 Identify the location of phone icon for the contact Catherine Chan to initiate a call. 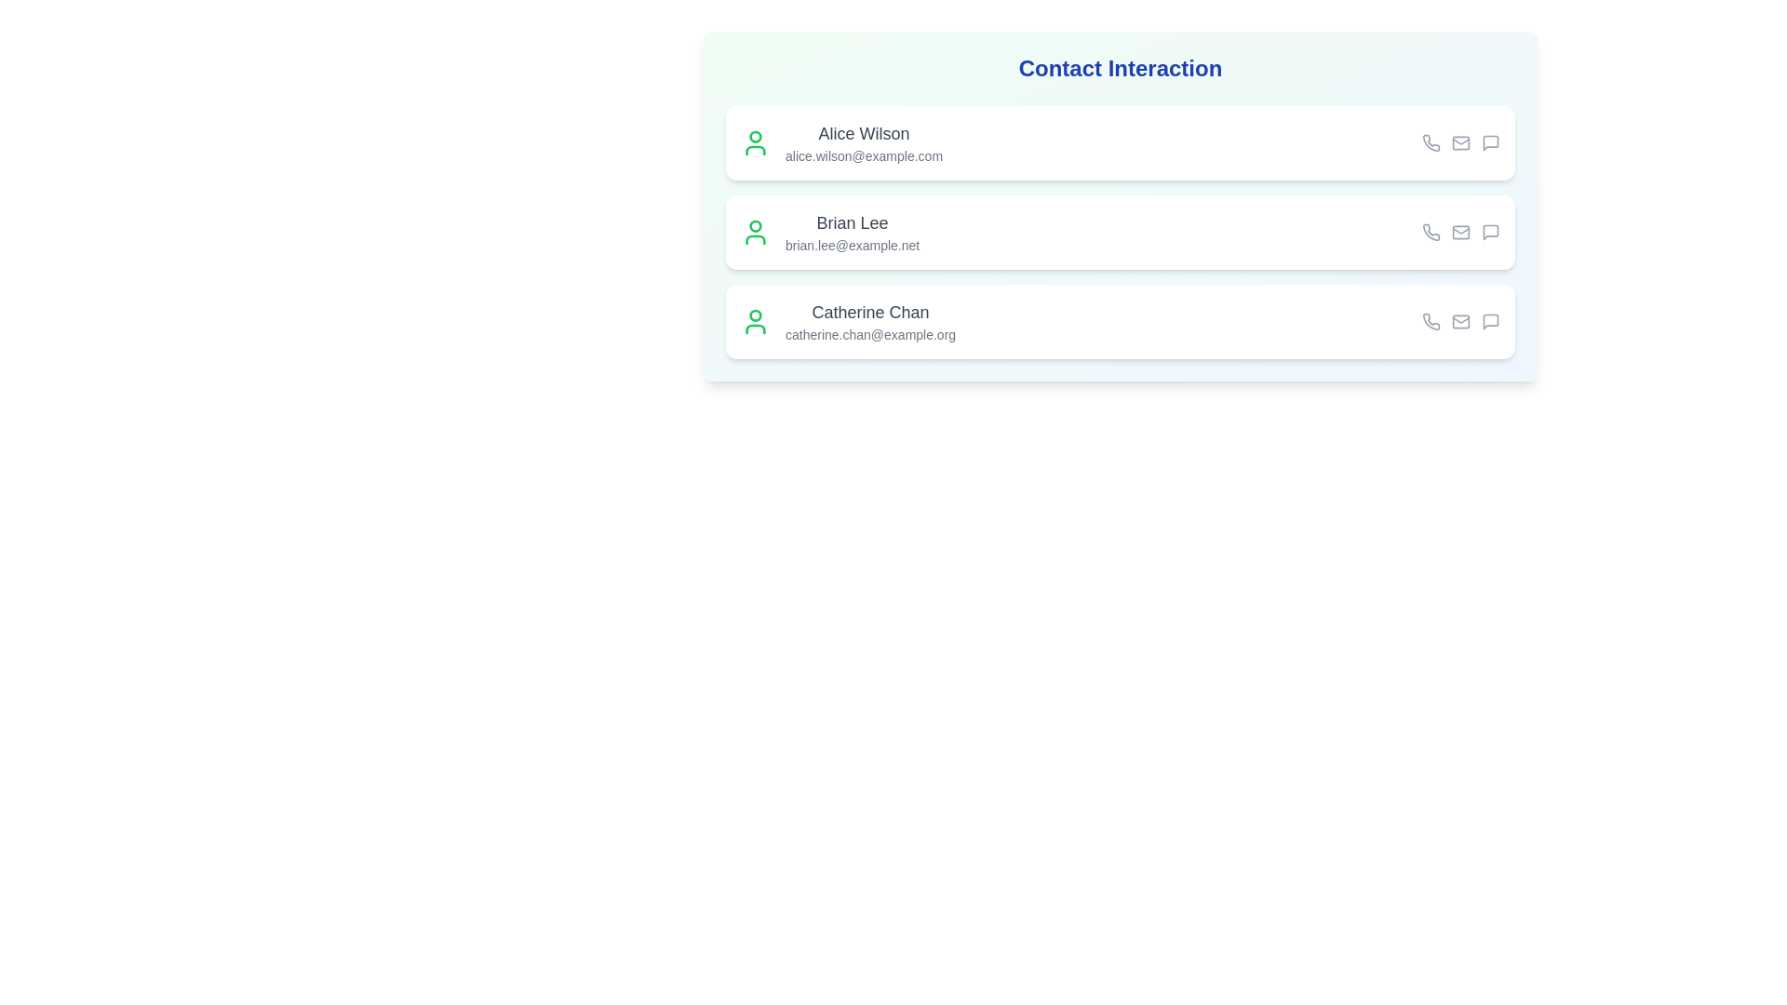
(1430, 321).